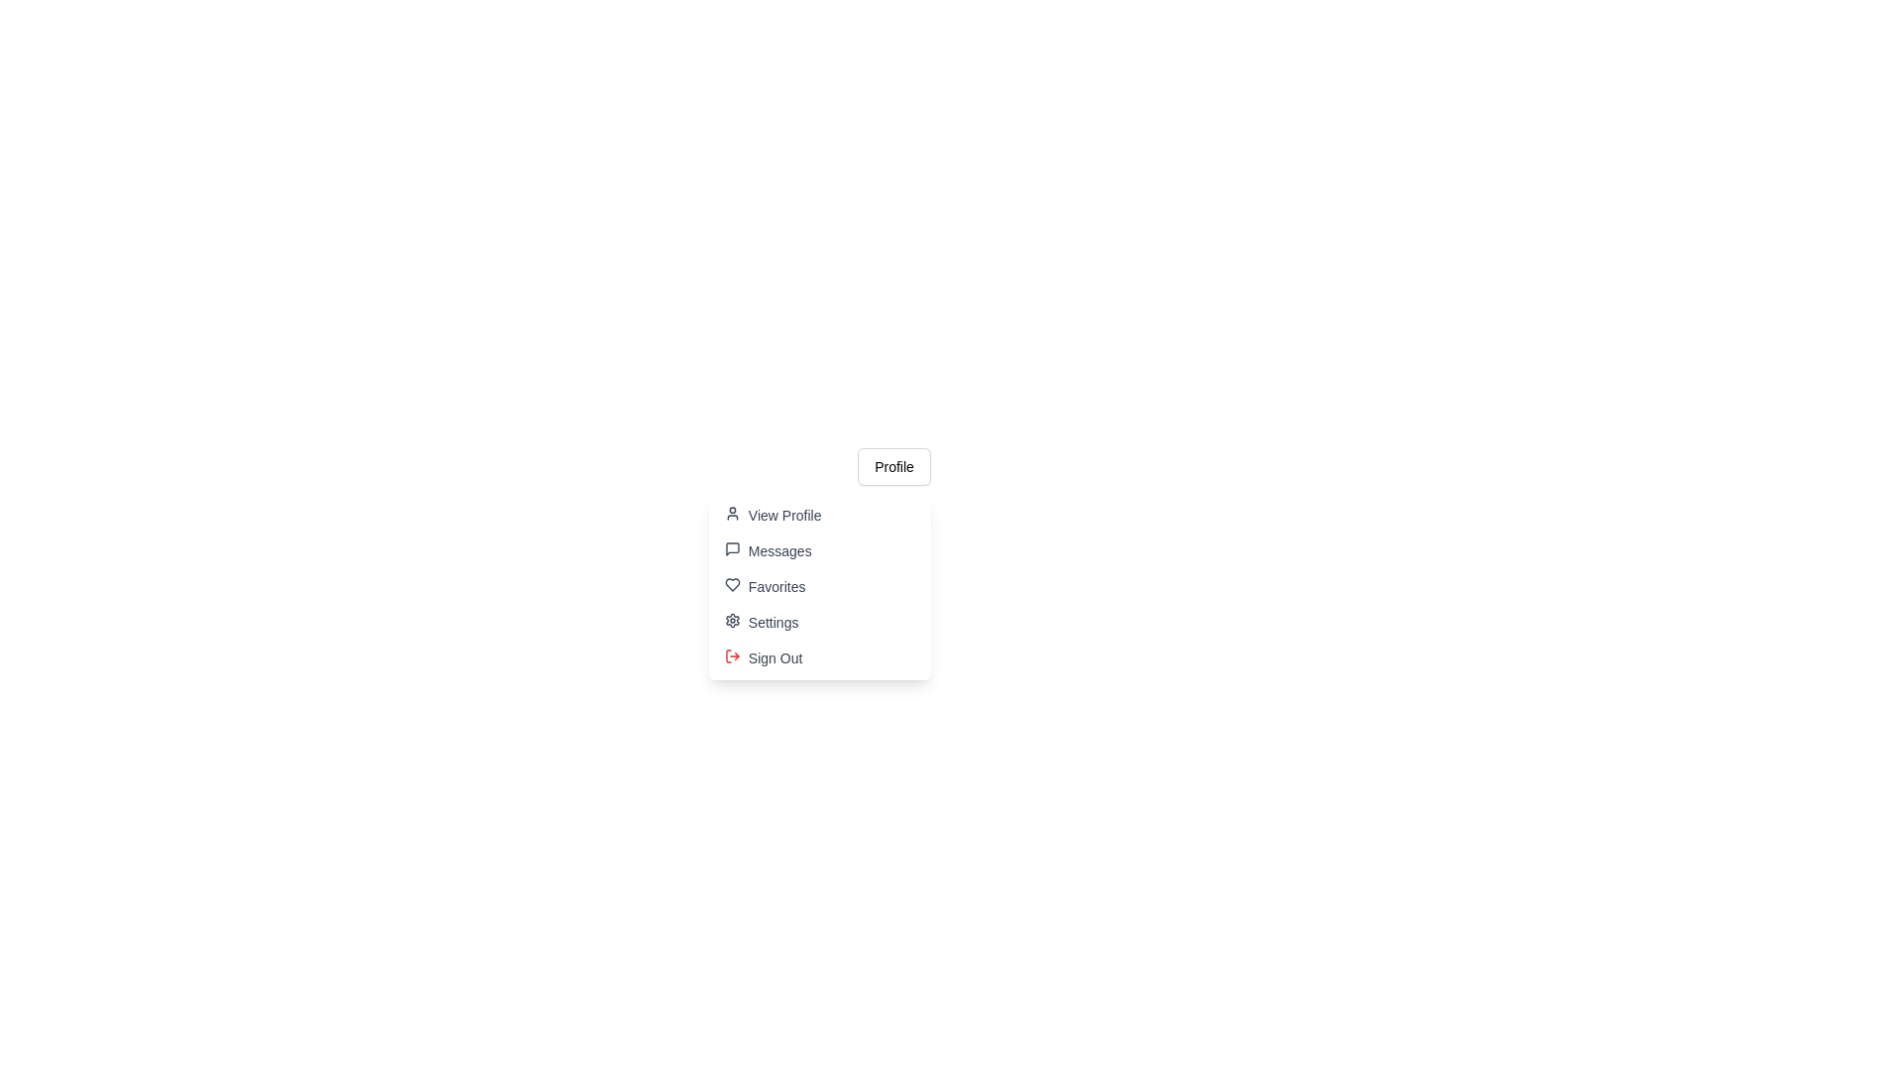  I want to click on the first entry in the vertical menu labeled 'Profile', so click(819, 515).